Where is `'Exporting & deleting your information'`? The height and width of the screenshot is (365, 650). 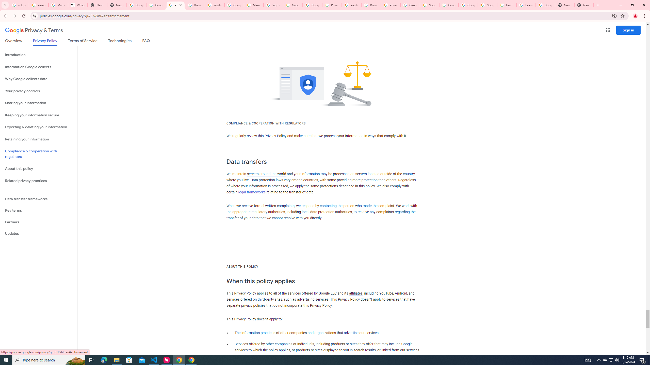
'Exporting & deleting your information' is located at coordinates (38, 127).